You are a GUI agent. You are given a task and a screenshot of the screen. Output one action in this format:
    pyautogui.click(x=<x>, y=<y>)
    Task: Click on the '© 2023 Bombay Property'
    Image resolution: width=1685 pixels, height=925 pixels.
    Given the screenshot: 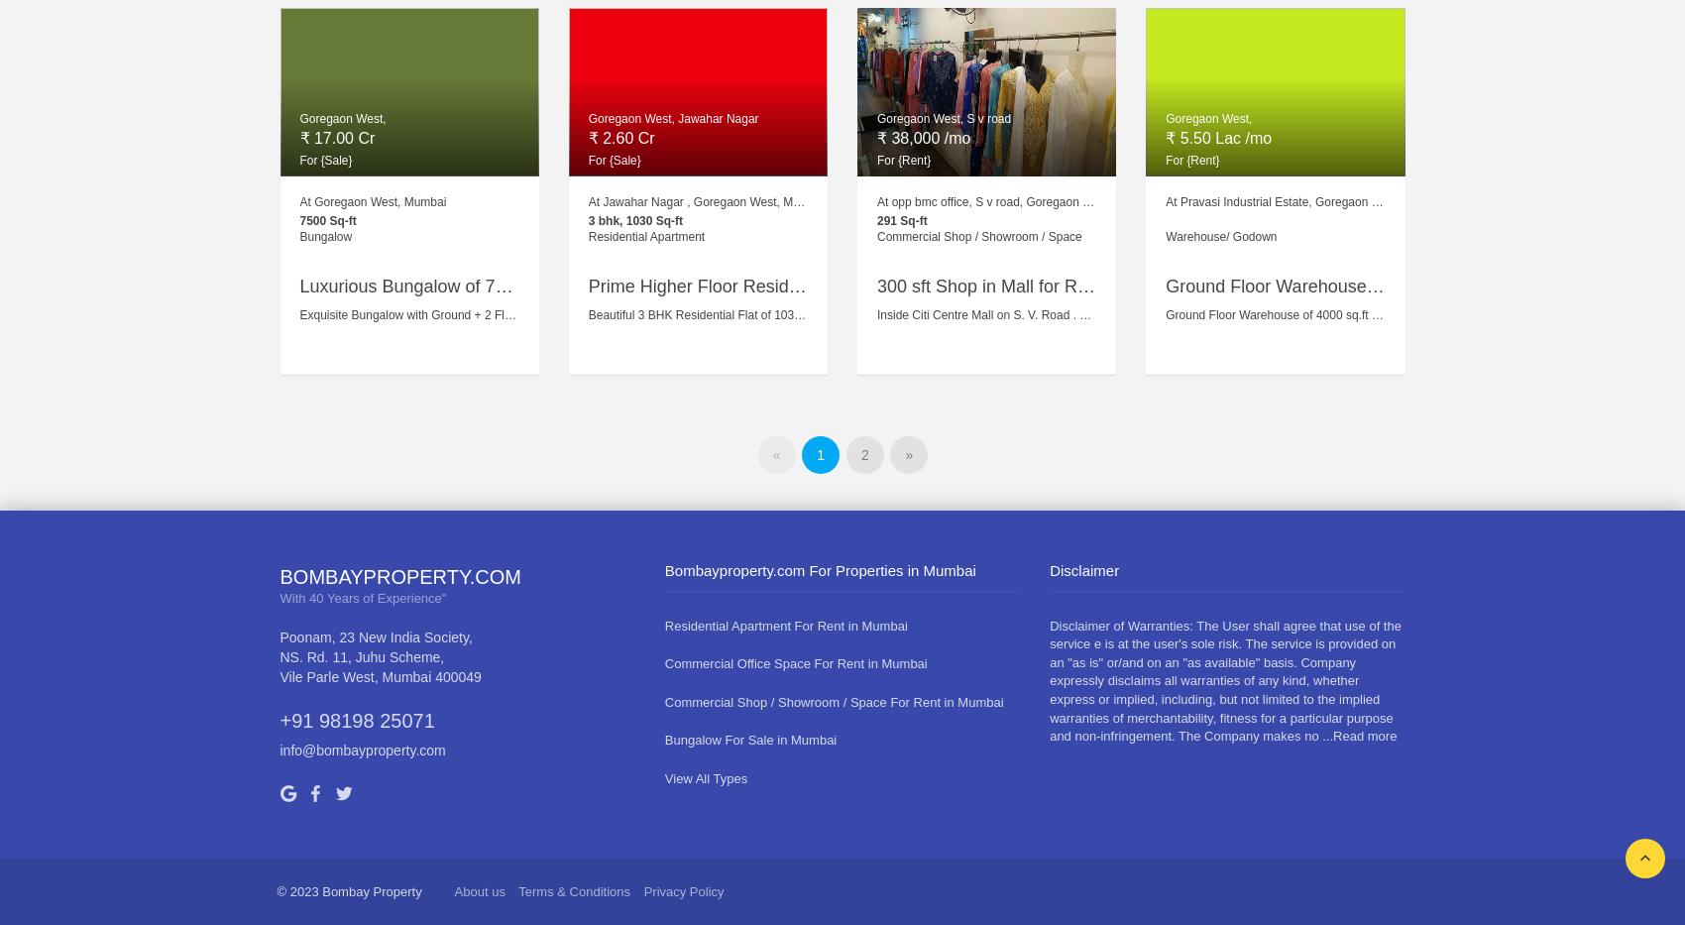 What is the action you would take?
    pyautogui.click(x=276, y=890)
    